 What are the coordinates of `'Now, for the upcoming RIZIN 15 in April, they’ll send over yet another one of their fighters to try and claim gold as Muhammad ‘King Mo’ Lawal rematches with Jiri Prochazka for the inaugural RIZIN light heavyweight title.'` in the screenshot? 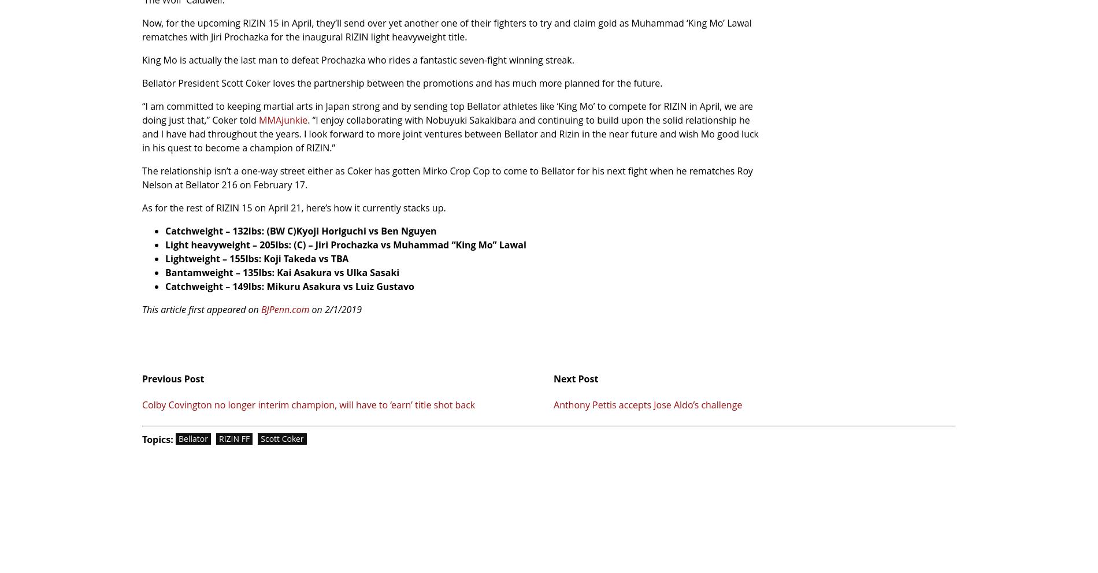 It's located at (446, 29).